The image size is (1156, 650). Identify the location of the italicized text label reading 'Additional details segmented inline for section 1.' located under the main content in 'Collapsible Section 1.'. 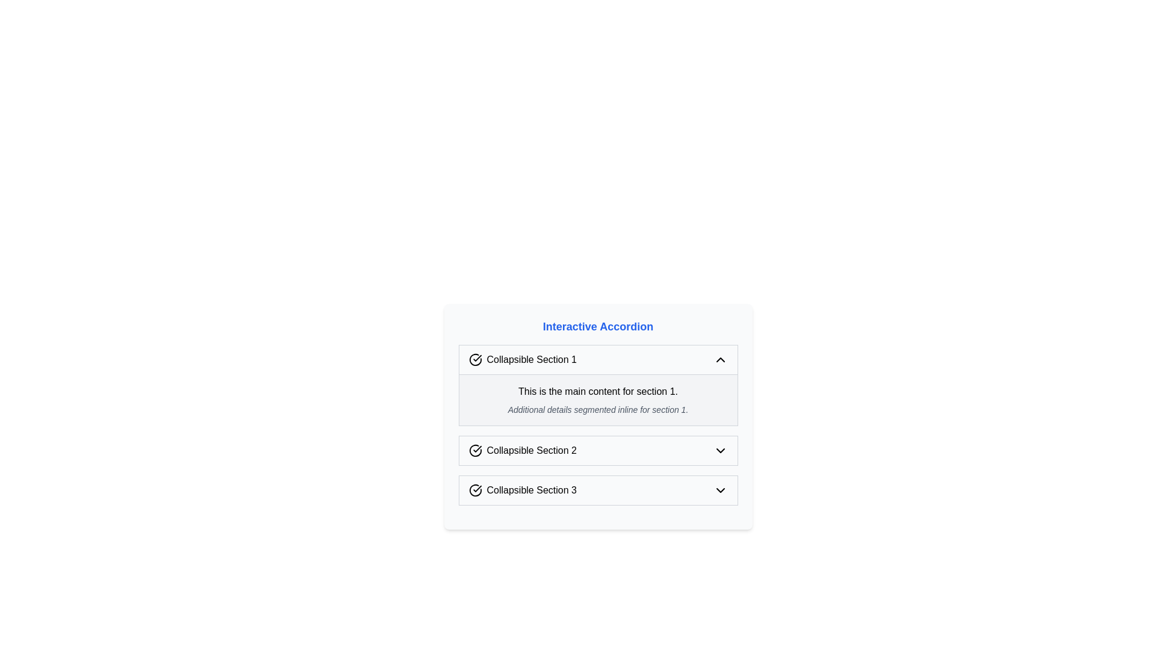
(598, 409).